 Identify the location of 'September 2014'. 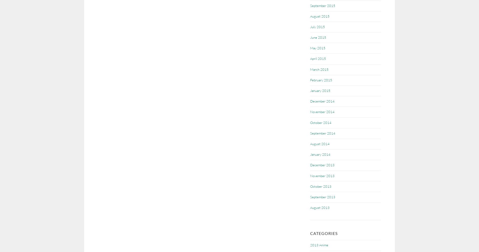
(322, 133).